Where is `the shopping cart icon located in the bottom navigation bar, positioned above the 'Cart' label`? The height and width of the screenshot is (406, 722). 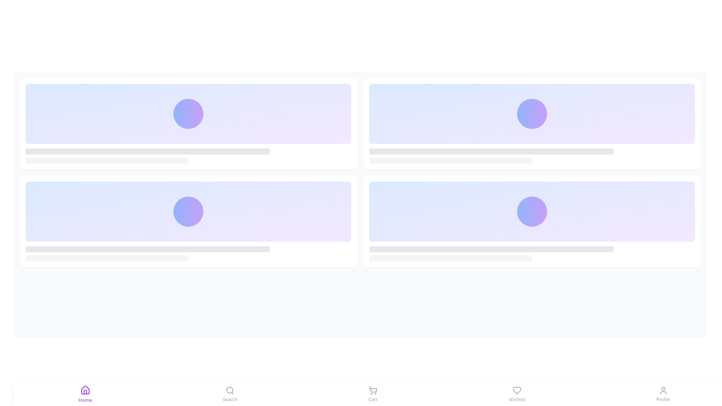 the shopping cart icon located in the bottom navigation bar, positioned above the 'Cart' label is located at coordinates (373, 390).